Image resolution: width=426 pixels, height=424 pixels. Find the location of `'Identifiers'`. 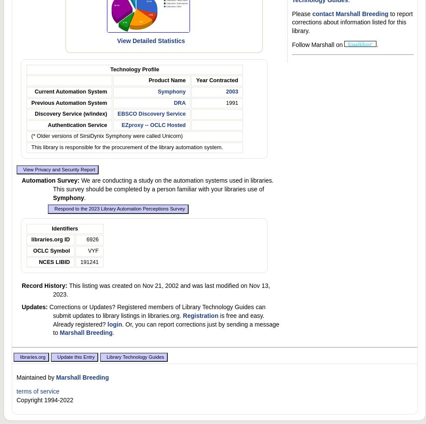

'Identifiers' is located at coordinates (64, 228).